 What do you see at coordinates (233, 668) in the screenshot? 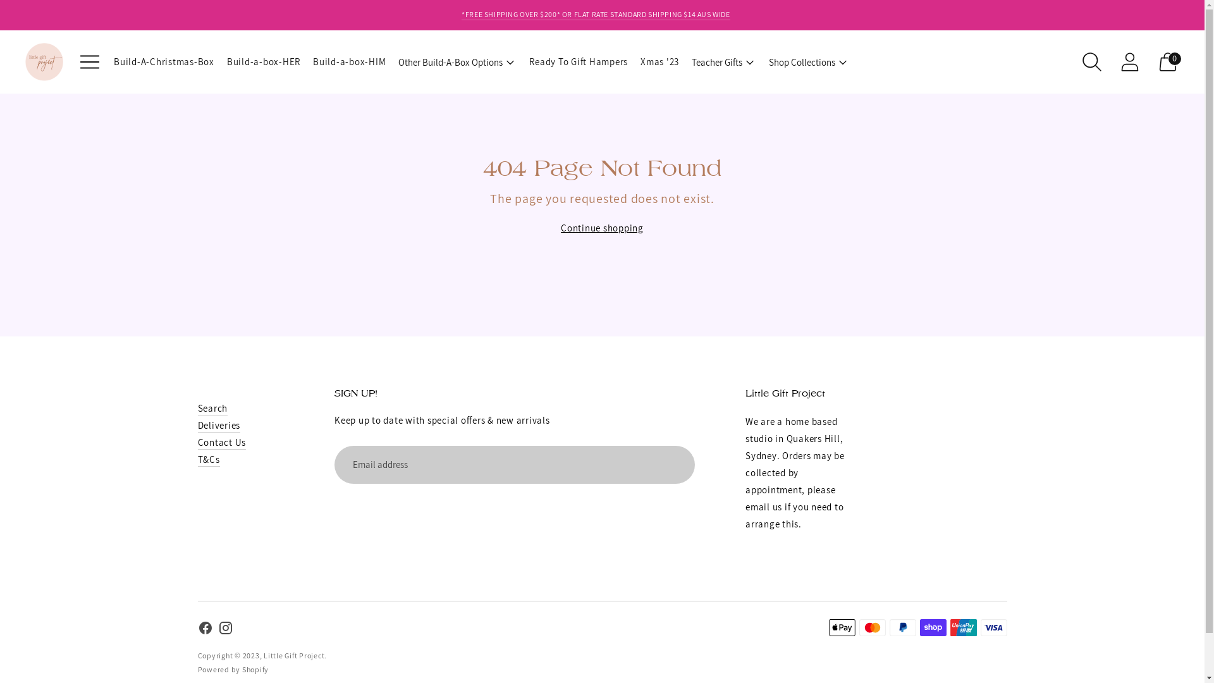
I see `'Powered by Shopify'` at bounding box center [233, 668].